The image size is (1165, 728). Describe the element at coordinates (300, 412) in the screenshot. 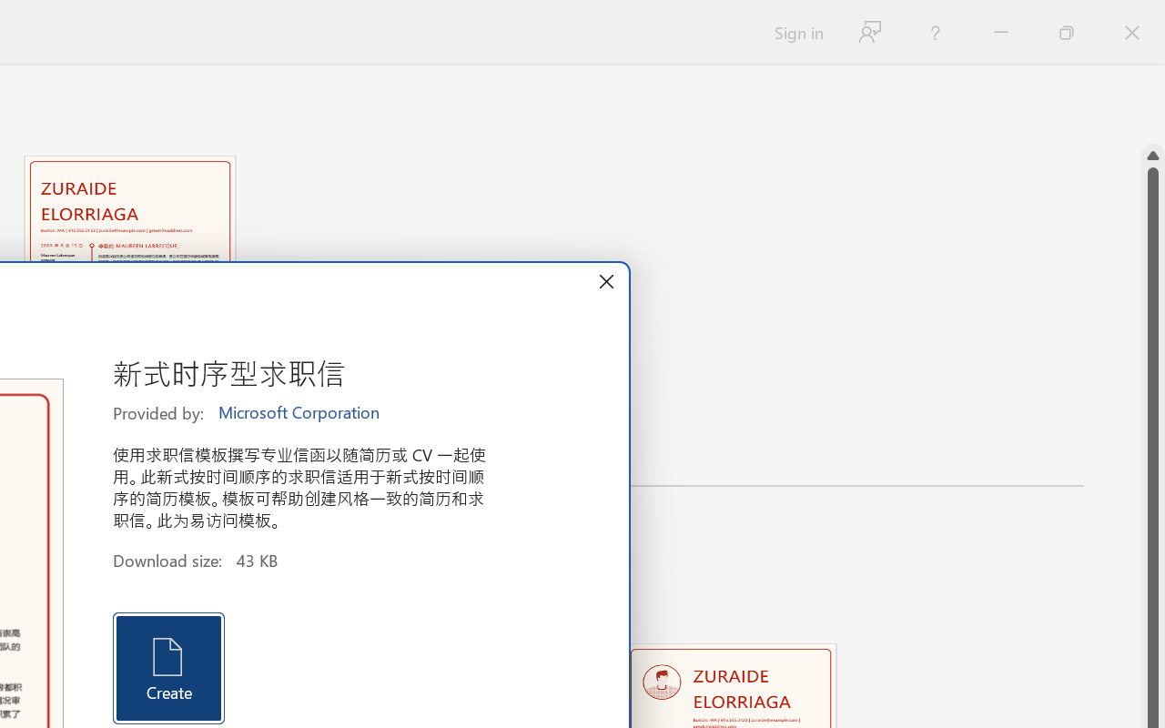

I see `'Microsoft Corporation'` at that location.